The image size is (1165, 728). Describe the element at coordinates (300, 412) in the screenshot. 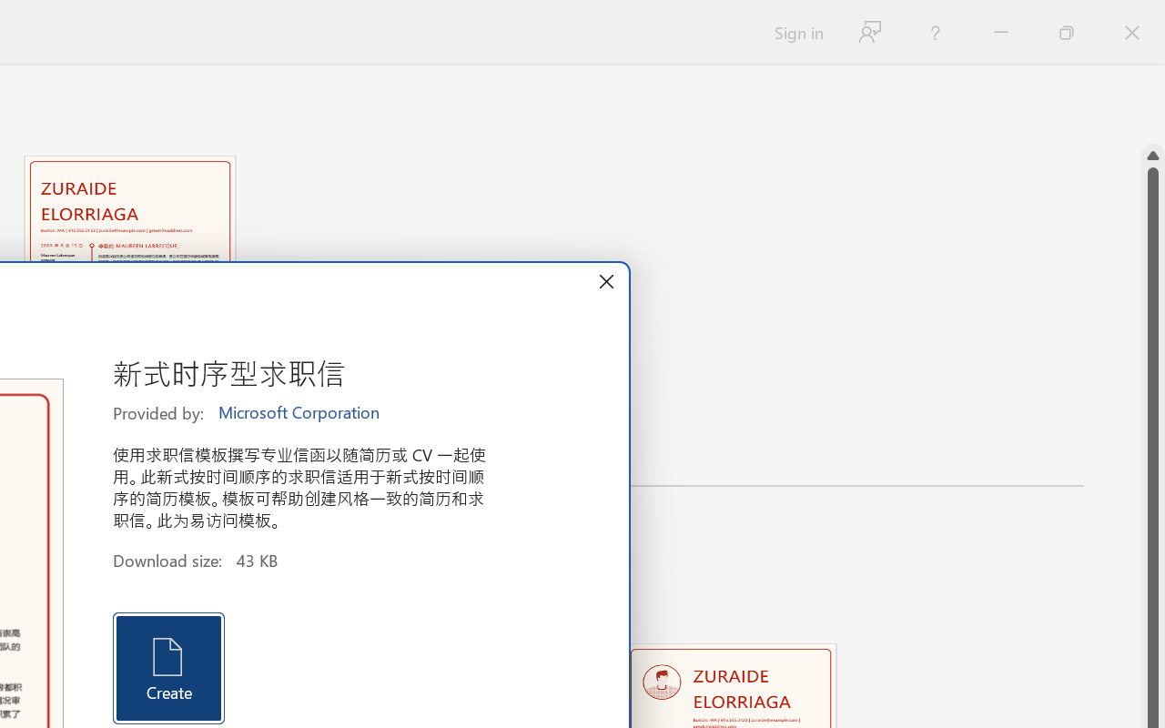

I see `'Microsoft Corporation'` at that location.